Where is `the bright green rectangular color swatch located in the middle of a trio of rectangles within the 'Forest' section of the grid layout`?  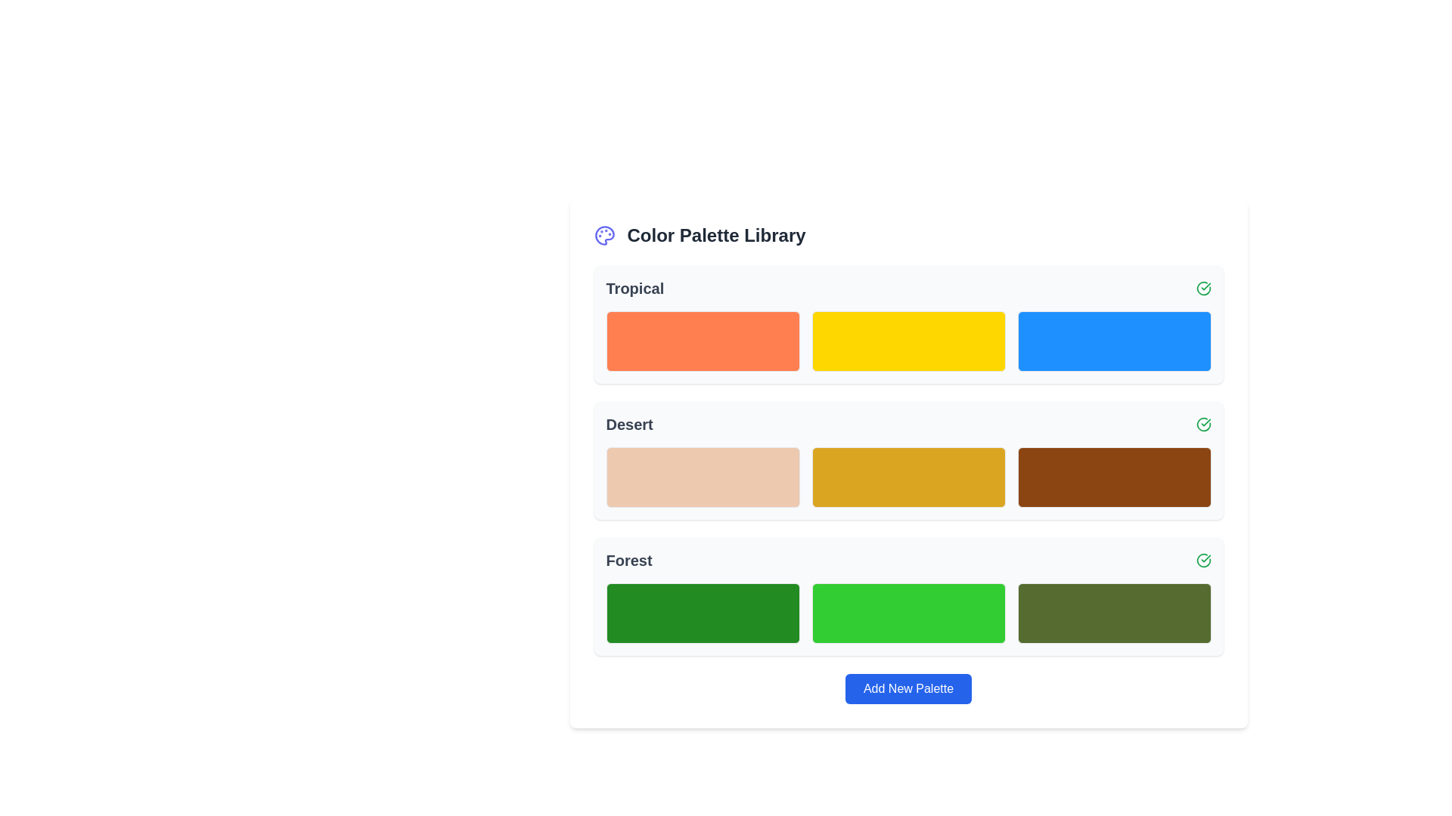
the bright green rectangular color swatch located in the middle of a trio of rectangles within the 'Forest' section of the grid layout is located at coordinates (907, 614).